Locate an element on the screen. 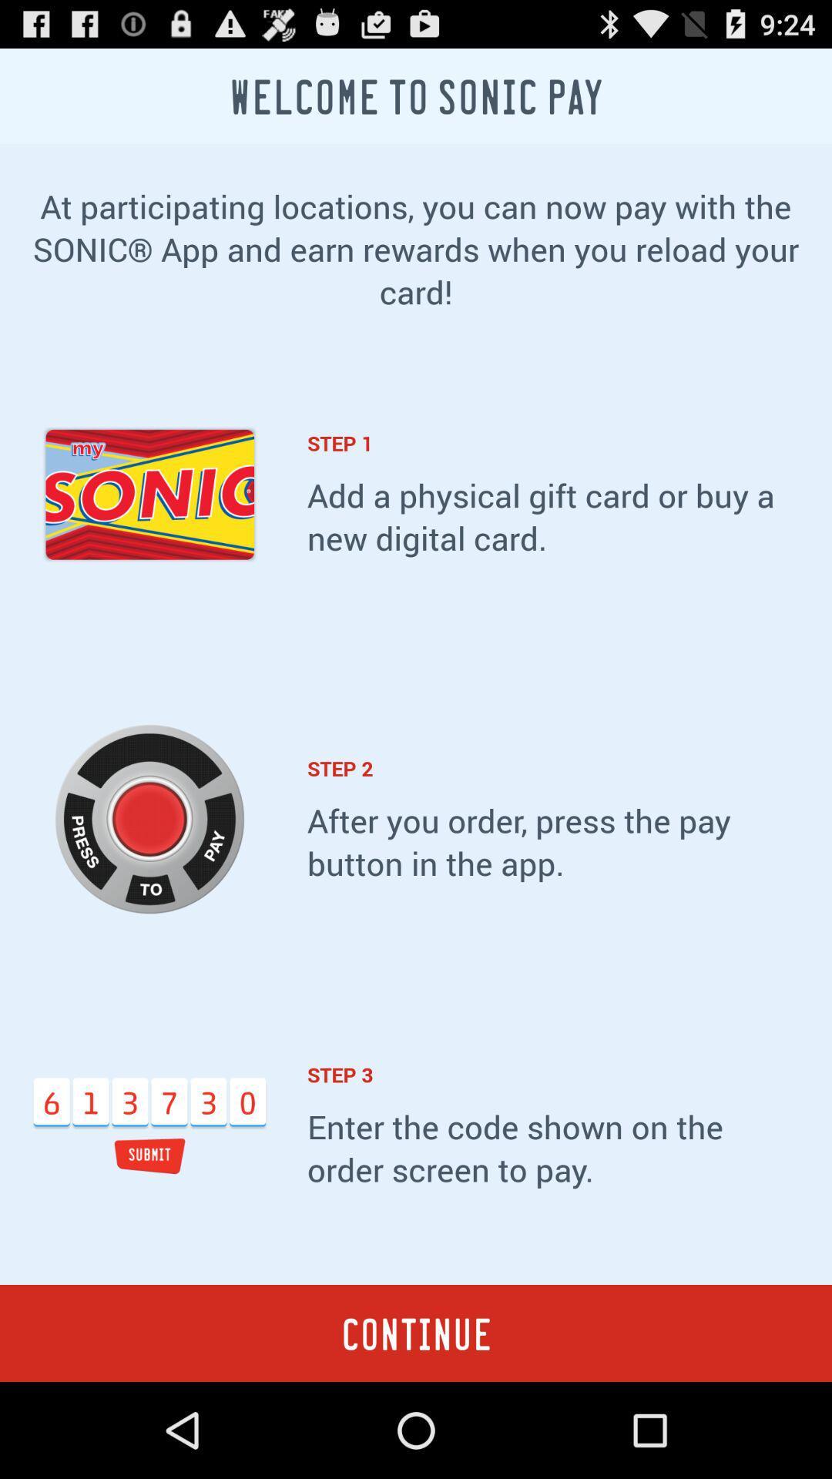  the continue button is located at coordinates (416, 1333).